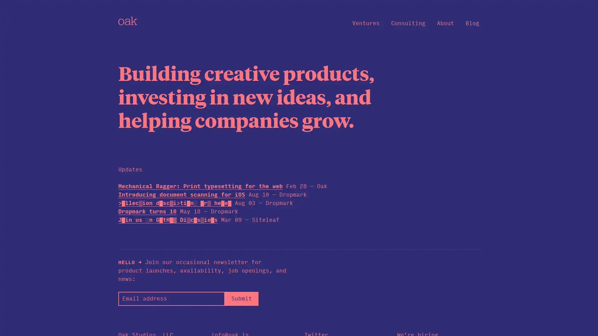  Describe the element at coordinates (241, 298) in the screenshot. I see `Submit` at that location.